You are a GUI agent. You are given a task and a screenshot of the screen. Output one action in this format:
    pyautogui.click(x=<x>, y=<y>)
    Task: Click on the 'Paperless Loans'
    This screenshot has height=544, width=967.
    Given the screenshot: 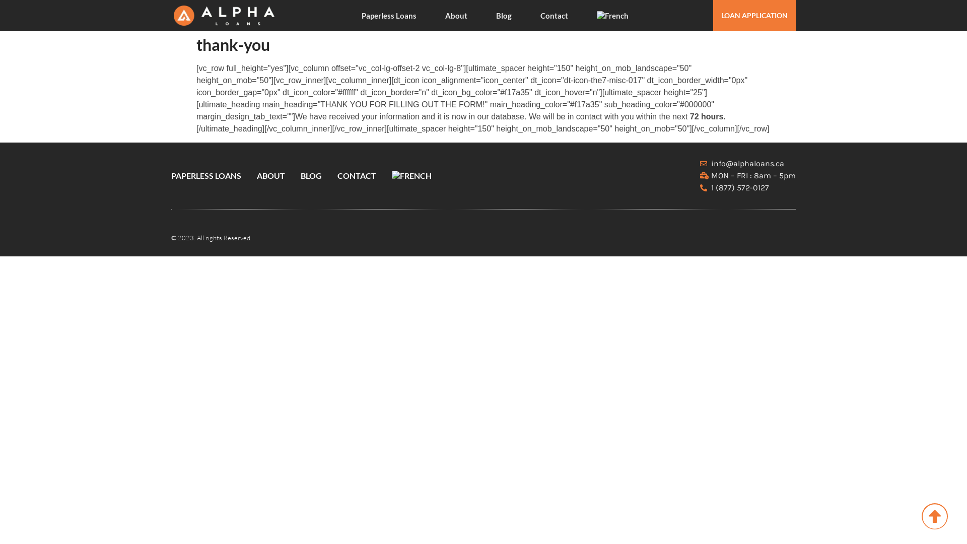 What is the action you would take?
    pyautogui.click(x=388, y=15)
    